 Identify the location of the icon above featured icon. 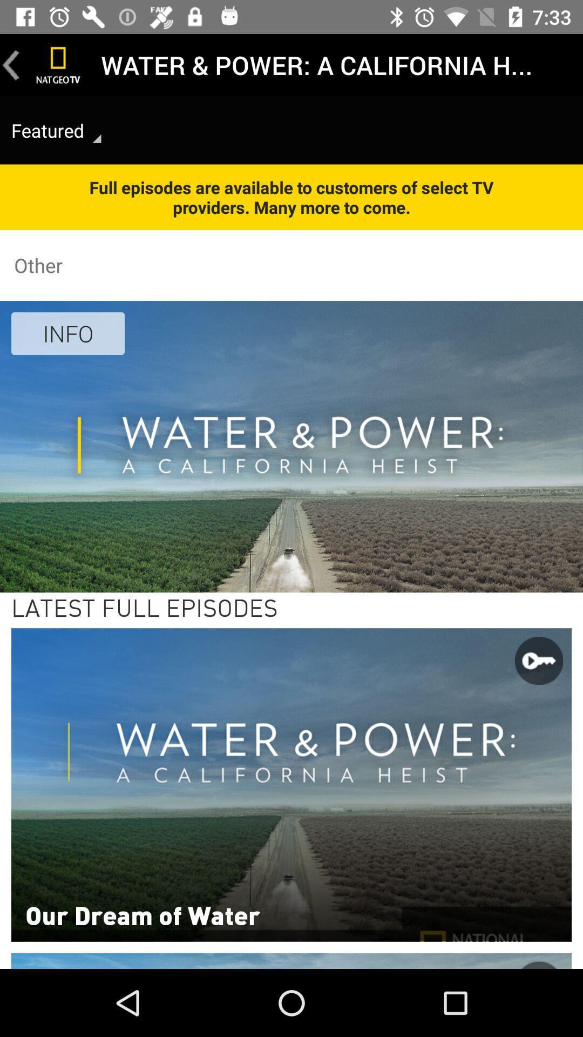
(58, 64).